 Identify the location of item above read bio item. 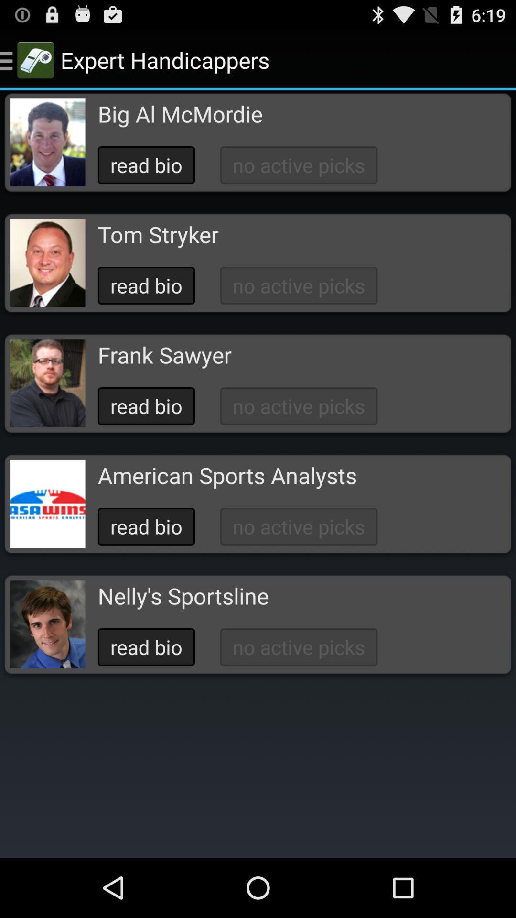
(180, 114).